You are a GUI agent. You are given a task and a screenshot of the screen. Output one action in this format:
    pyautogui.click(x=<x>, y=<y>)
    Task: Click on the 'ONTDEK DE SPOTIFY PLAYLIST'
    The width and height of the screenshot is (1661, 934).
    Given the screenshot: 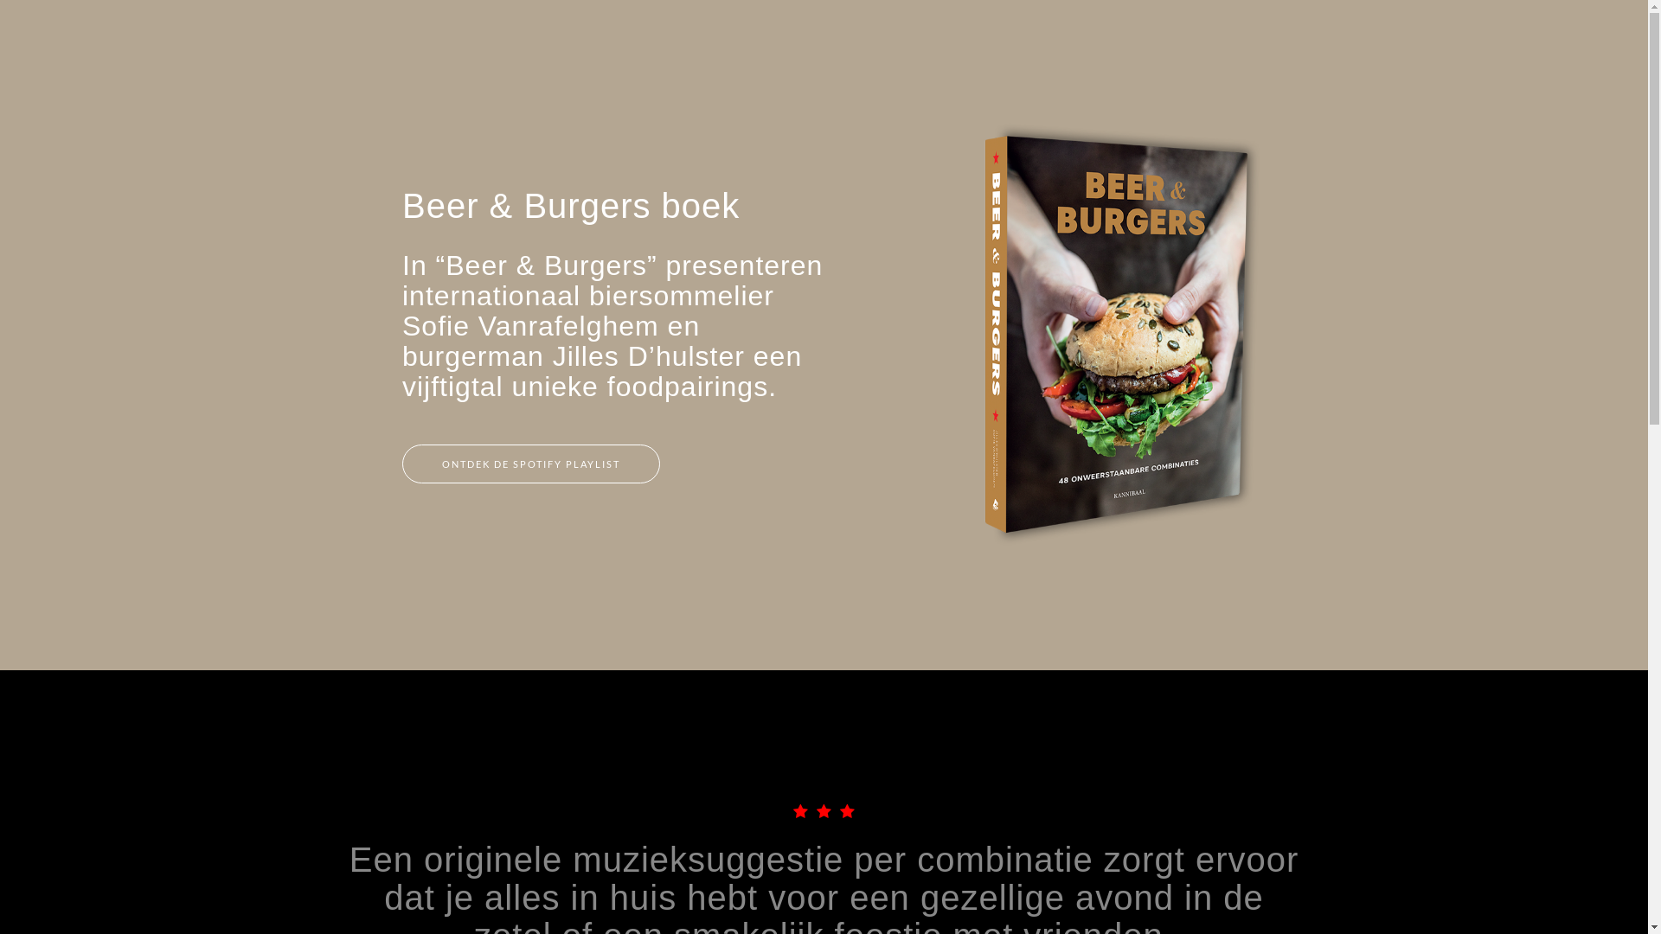 What is the action you would take?
    pyautogui.click(x=530, y=463)
    